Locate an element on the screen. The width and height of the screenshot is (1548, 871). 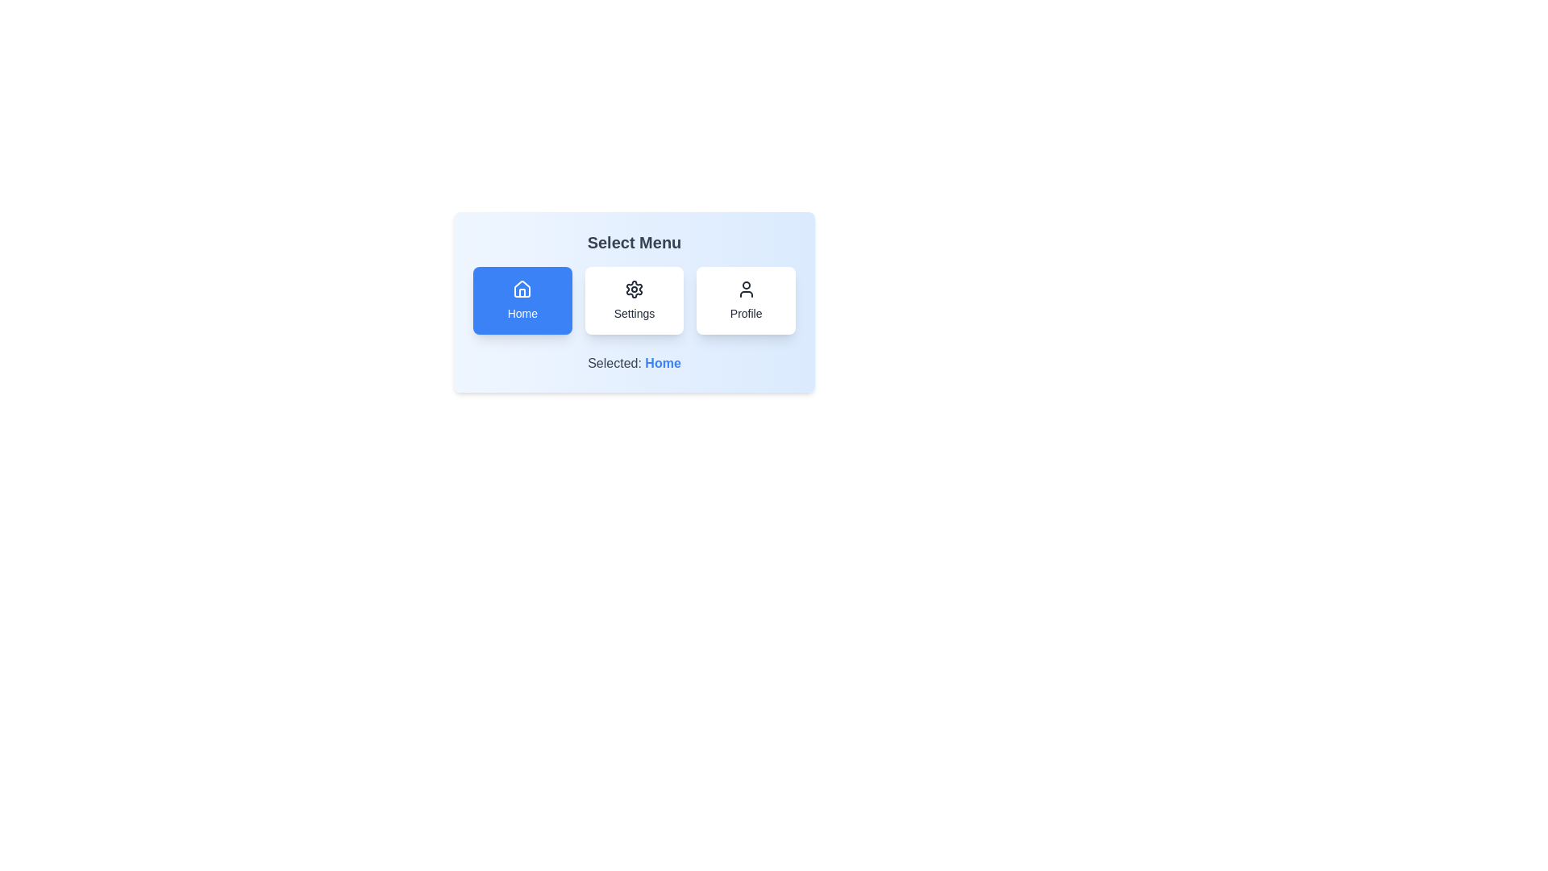
the menu item Home by clicking on its corresponding button is located at coordinates (522, 301).